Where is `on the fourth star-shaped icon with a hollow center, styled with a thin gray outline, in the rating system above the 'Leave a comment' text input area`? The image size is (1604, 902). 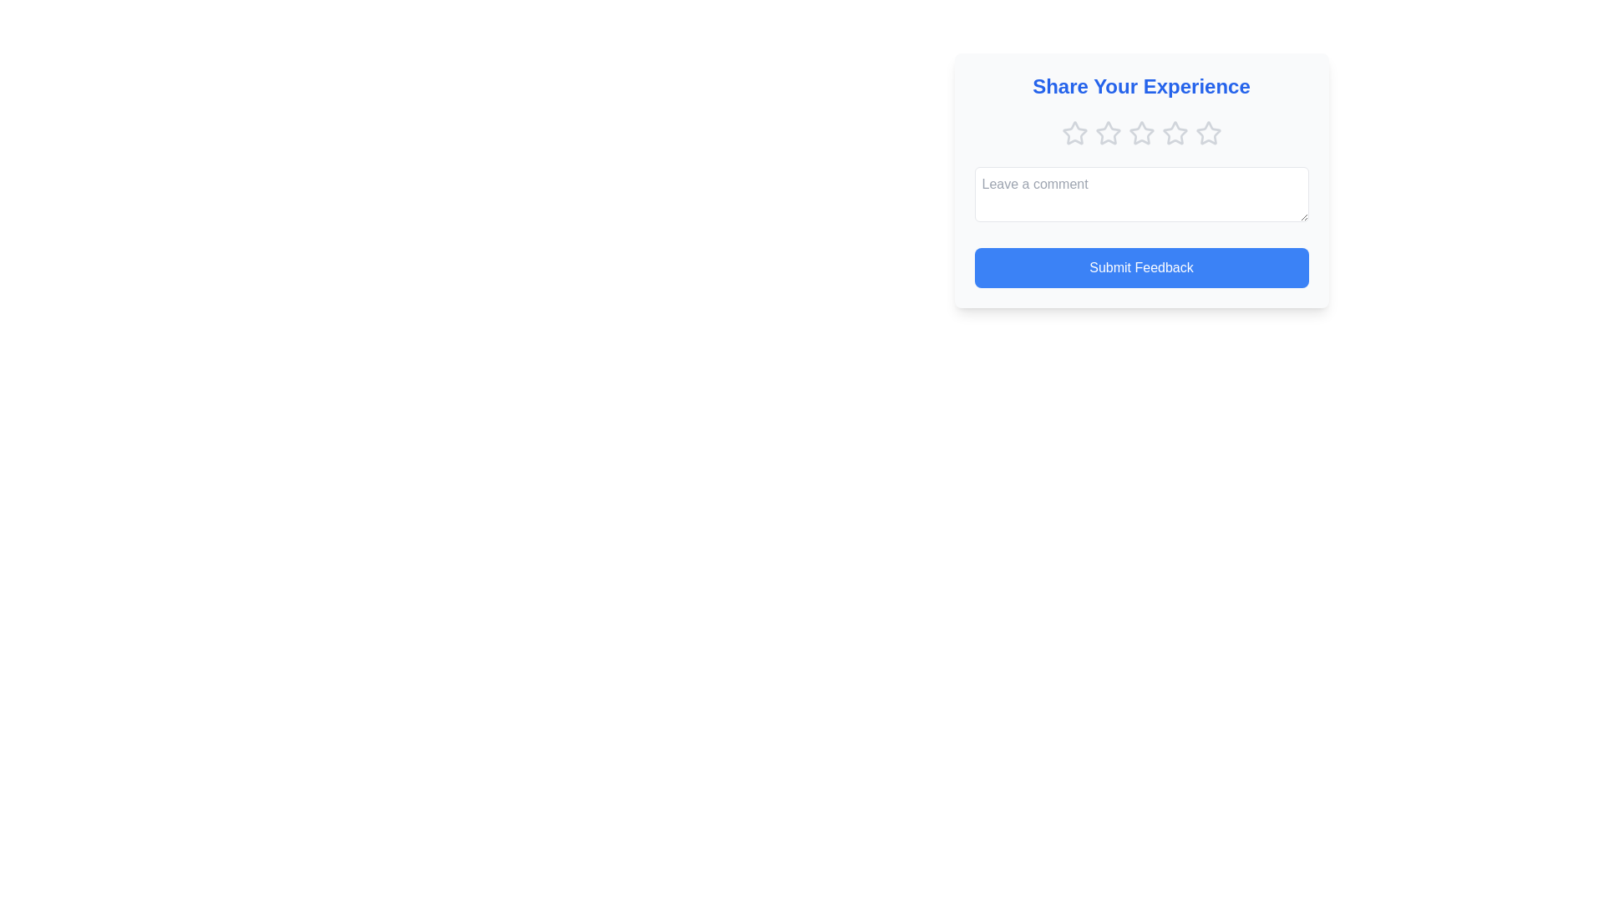 on the fourth star-shaped icon with a hollow center, styled with a thin gray outline, in the rating system above the 'Leave a comment' text input area is located at coordinates (1174, 132).